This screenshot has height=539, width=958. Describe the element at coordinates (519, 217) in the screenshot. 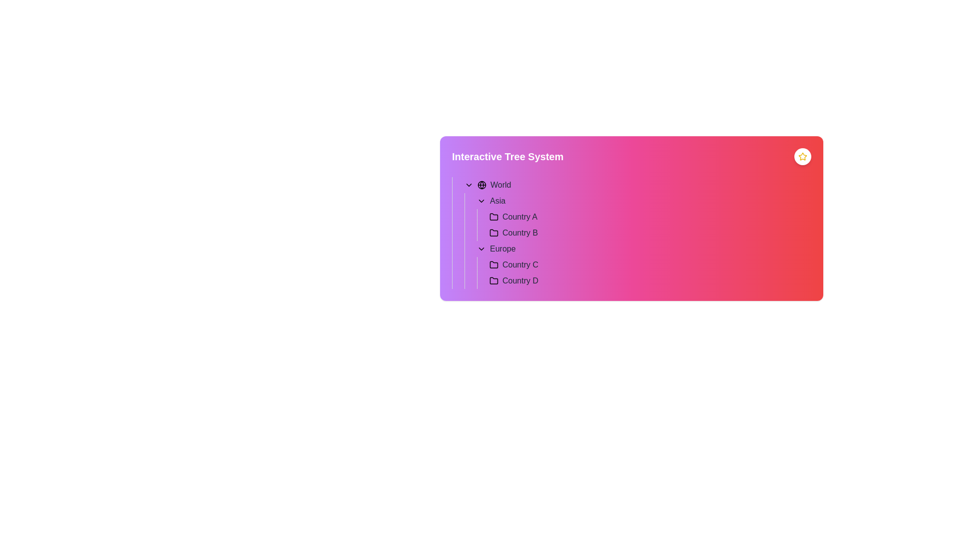

I see `text label that identifies 'Country A' within the 'Asia' section of the hierarchical tree structure` at that location.